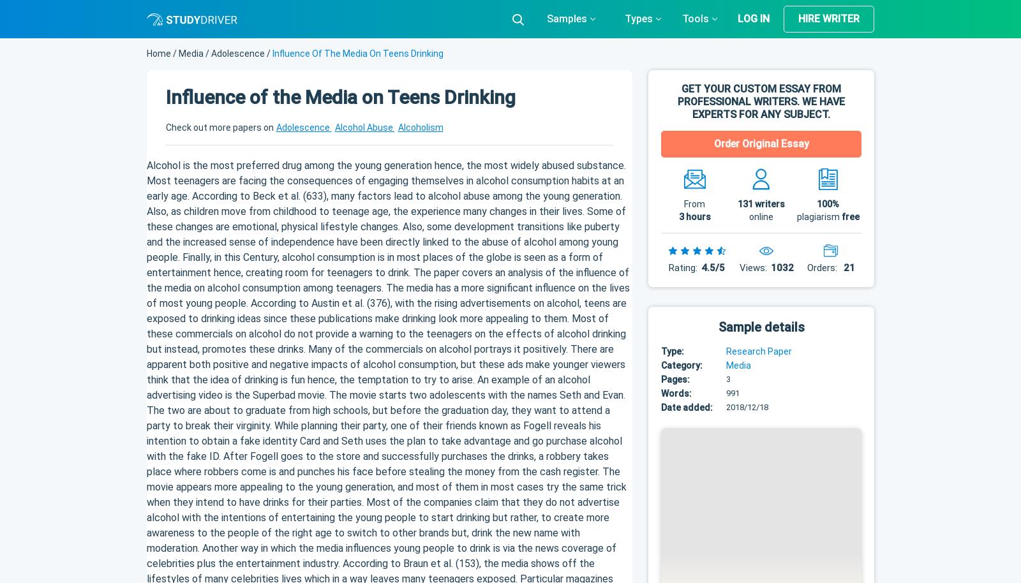 Image resolution: width=1021 pixels, height=583 pixels. What do you see at coordinates (745, 203) in the screenshot?
I see `'131'` at bounding box center [745, 203].